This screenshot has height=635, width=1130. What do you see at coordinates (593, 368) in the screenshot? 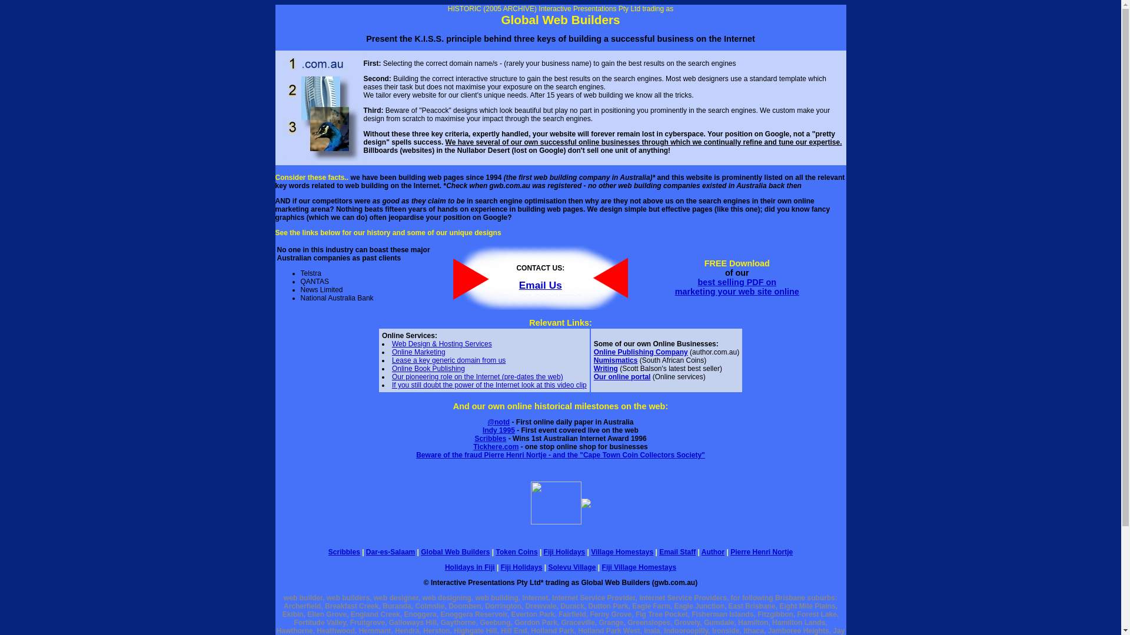
I see `'Writing'` at bounding box center [593, 368].